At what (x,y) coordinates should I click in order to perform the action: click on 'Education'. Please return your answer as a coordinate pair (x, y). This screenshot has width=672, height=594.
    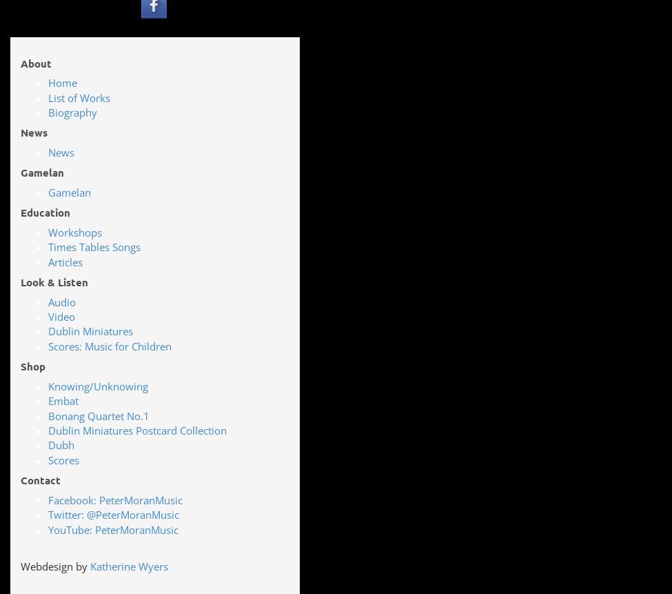
    Looking at the image, I should click on (45, 212).